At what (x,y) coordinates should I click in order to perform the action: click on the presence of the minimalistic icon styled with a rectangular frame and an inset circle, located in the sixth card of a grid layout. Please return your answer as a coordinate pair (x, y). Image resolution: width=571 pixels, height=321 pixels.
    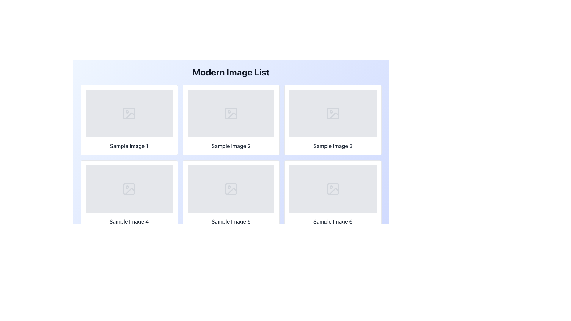
    Looking at the image, I should click on (332, 189).